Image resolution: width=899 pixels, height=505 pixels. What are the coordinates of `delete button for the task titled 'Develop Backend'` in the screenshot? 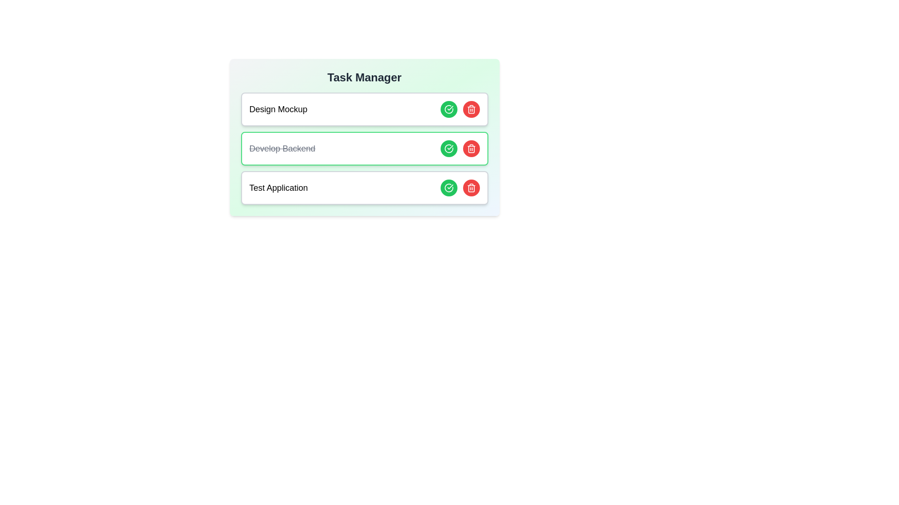 It's located at (471, 148).